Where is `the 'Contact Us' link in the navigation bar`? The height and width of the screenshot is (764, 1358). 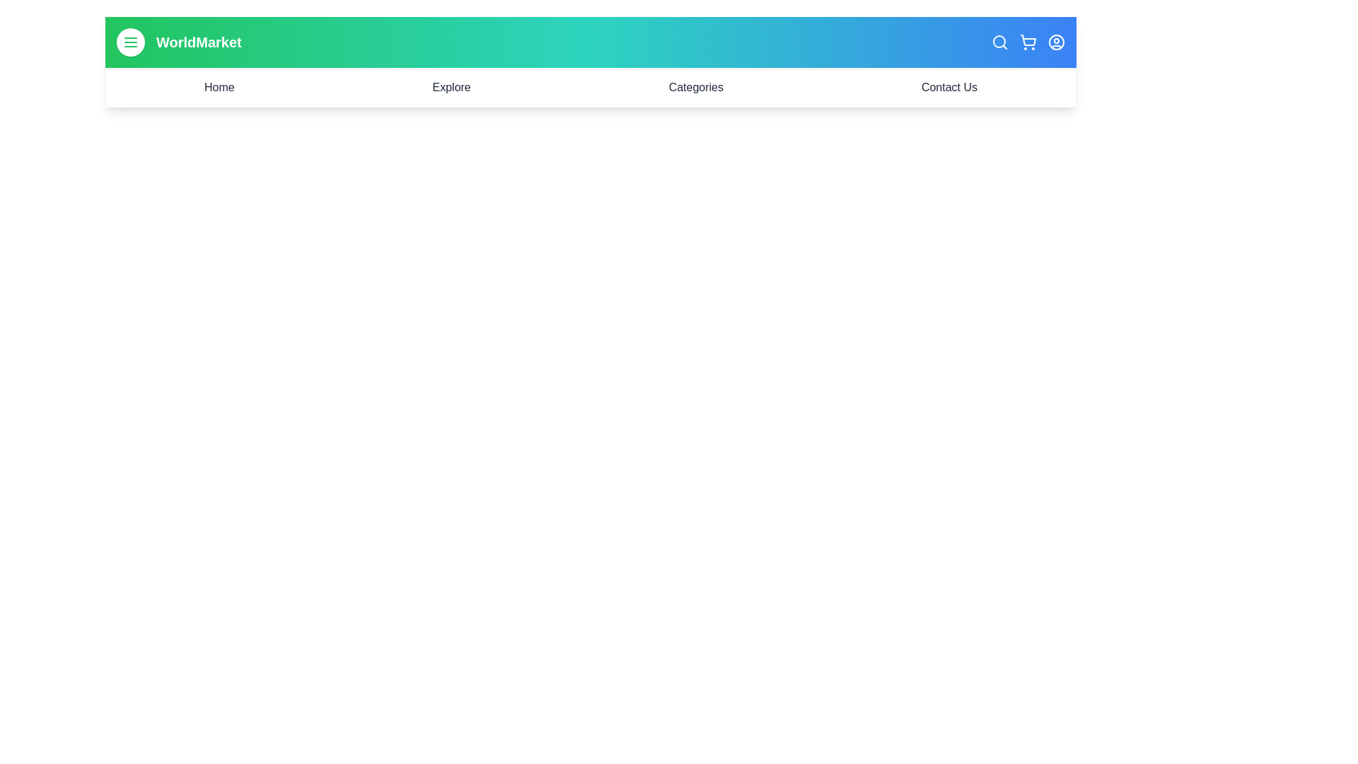 the 'Contact Us' link in the navigation bar is located at coordinates (949, 87).